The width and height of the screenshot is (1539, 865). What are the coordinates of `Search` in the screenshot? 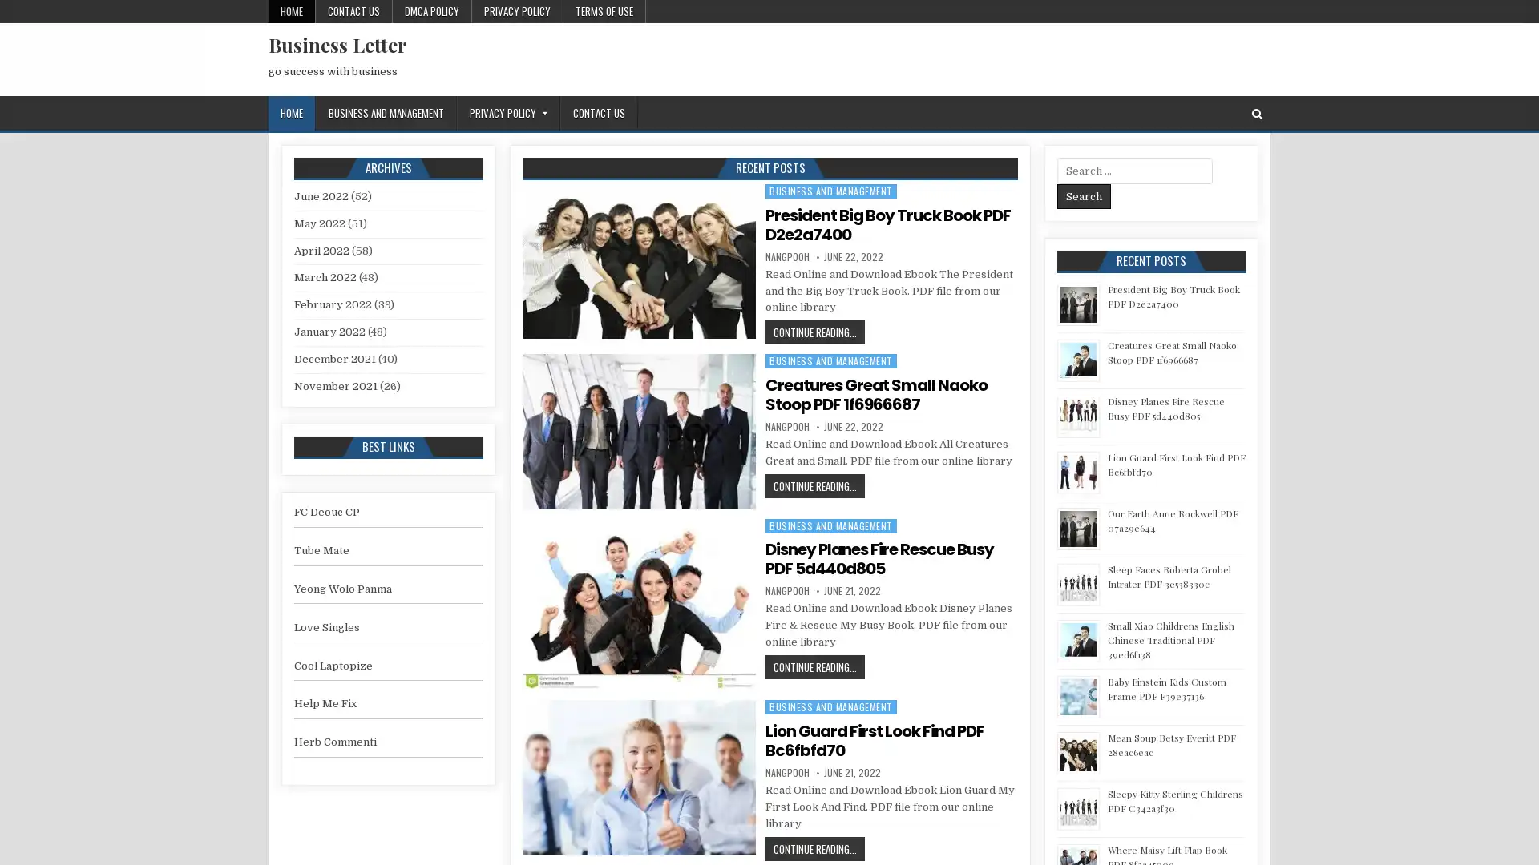 It's located at (1083, 195).